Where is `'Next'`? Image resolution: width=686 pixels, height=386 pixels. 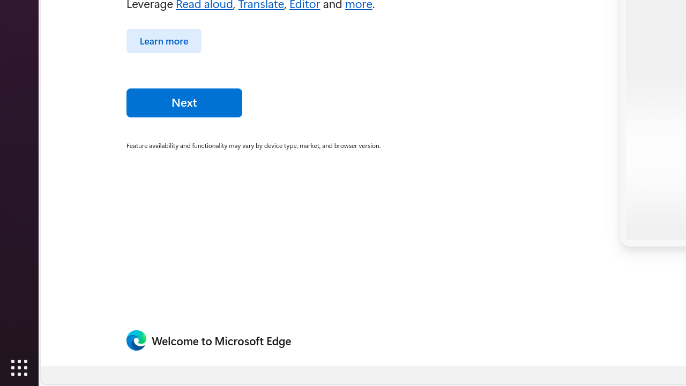
'Next' is located at coordinates (184, 102).